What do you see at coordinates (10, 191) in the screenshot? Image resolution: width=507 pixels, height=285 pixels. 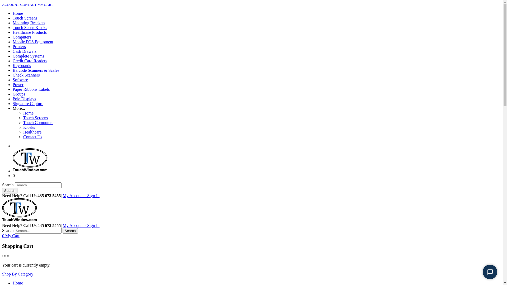 I see `'Search'` at bounding box center [10, 191].